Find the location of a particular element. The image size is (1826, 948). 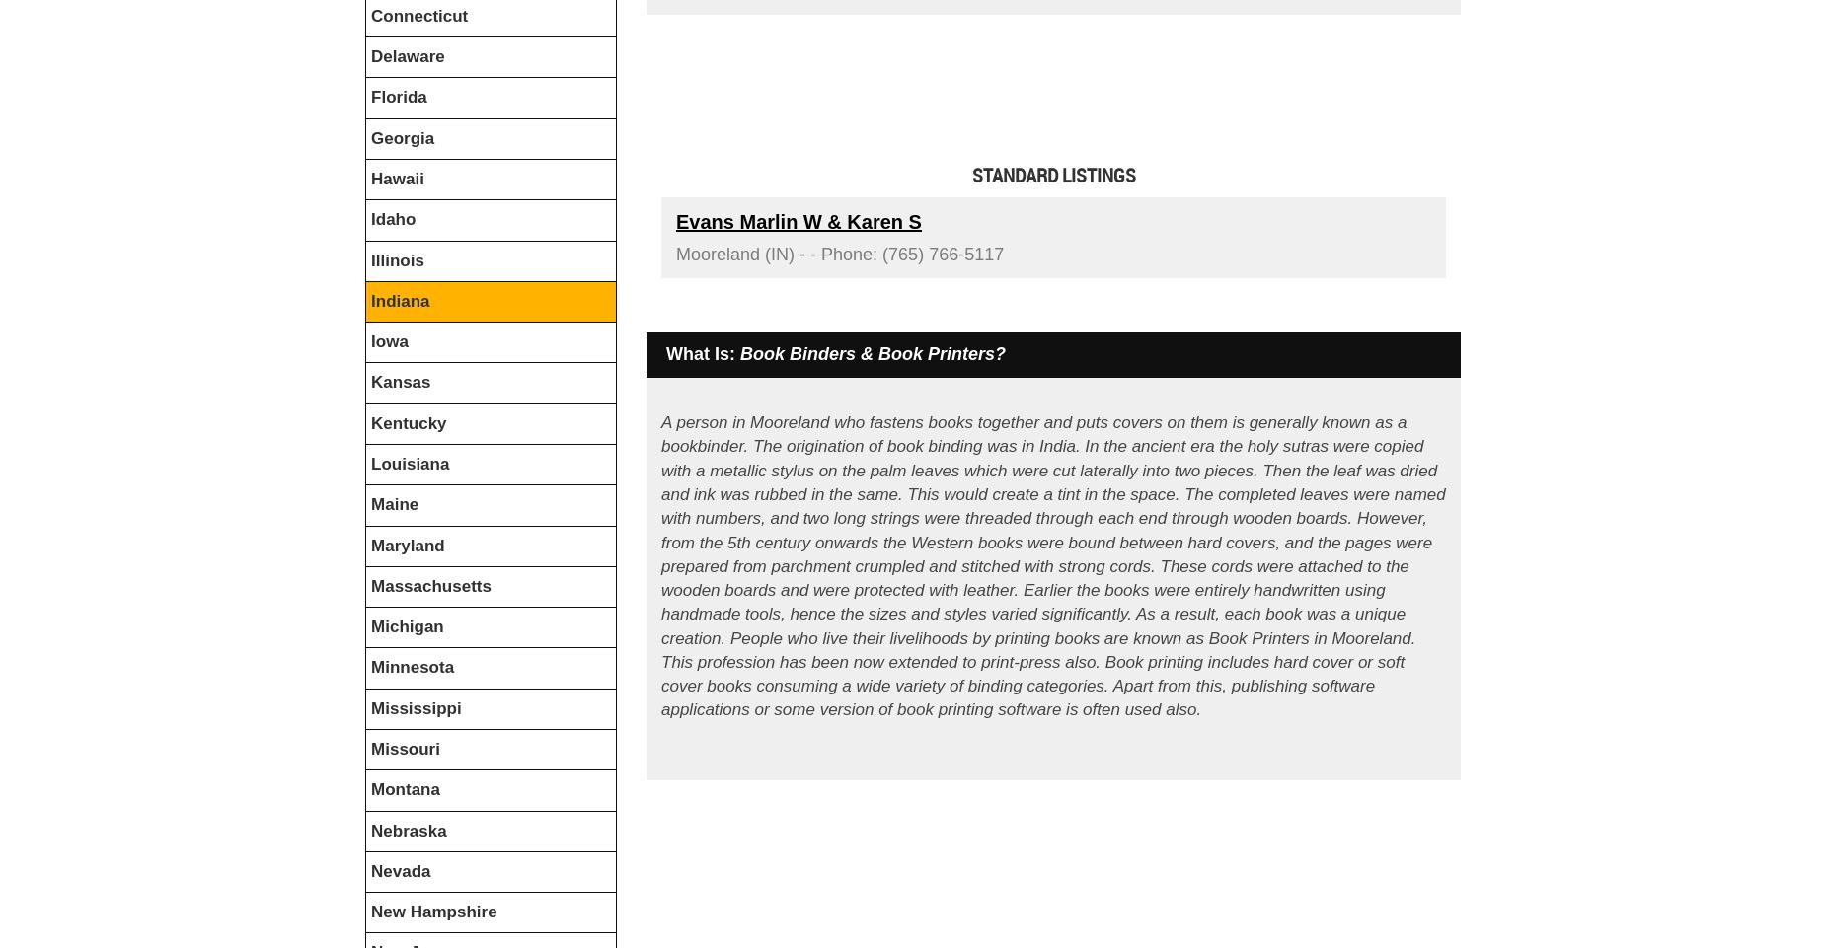

'STANDARD LISTINGS' is located at coordinates (1052, 175).